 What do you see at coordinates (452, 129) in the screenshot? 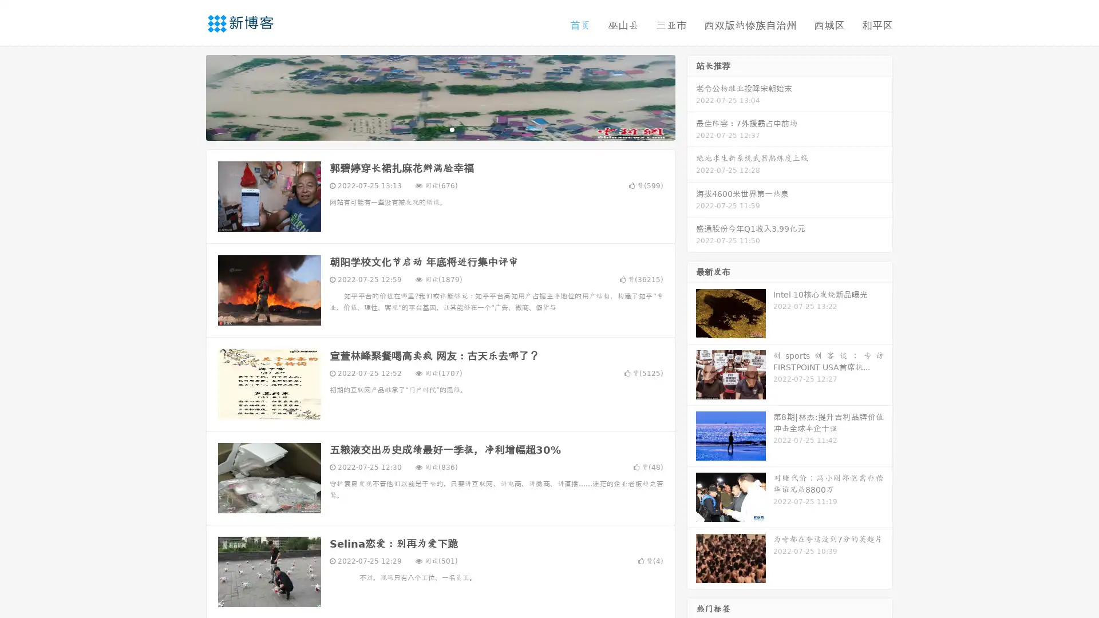
I see `Go to slide 3` at bounding box center [452, 129].